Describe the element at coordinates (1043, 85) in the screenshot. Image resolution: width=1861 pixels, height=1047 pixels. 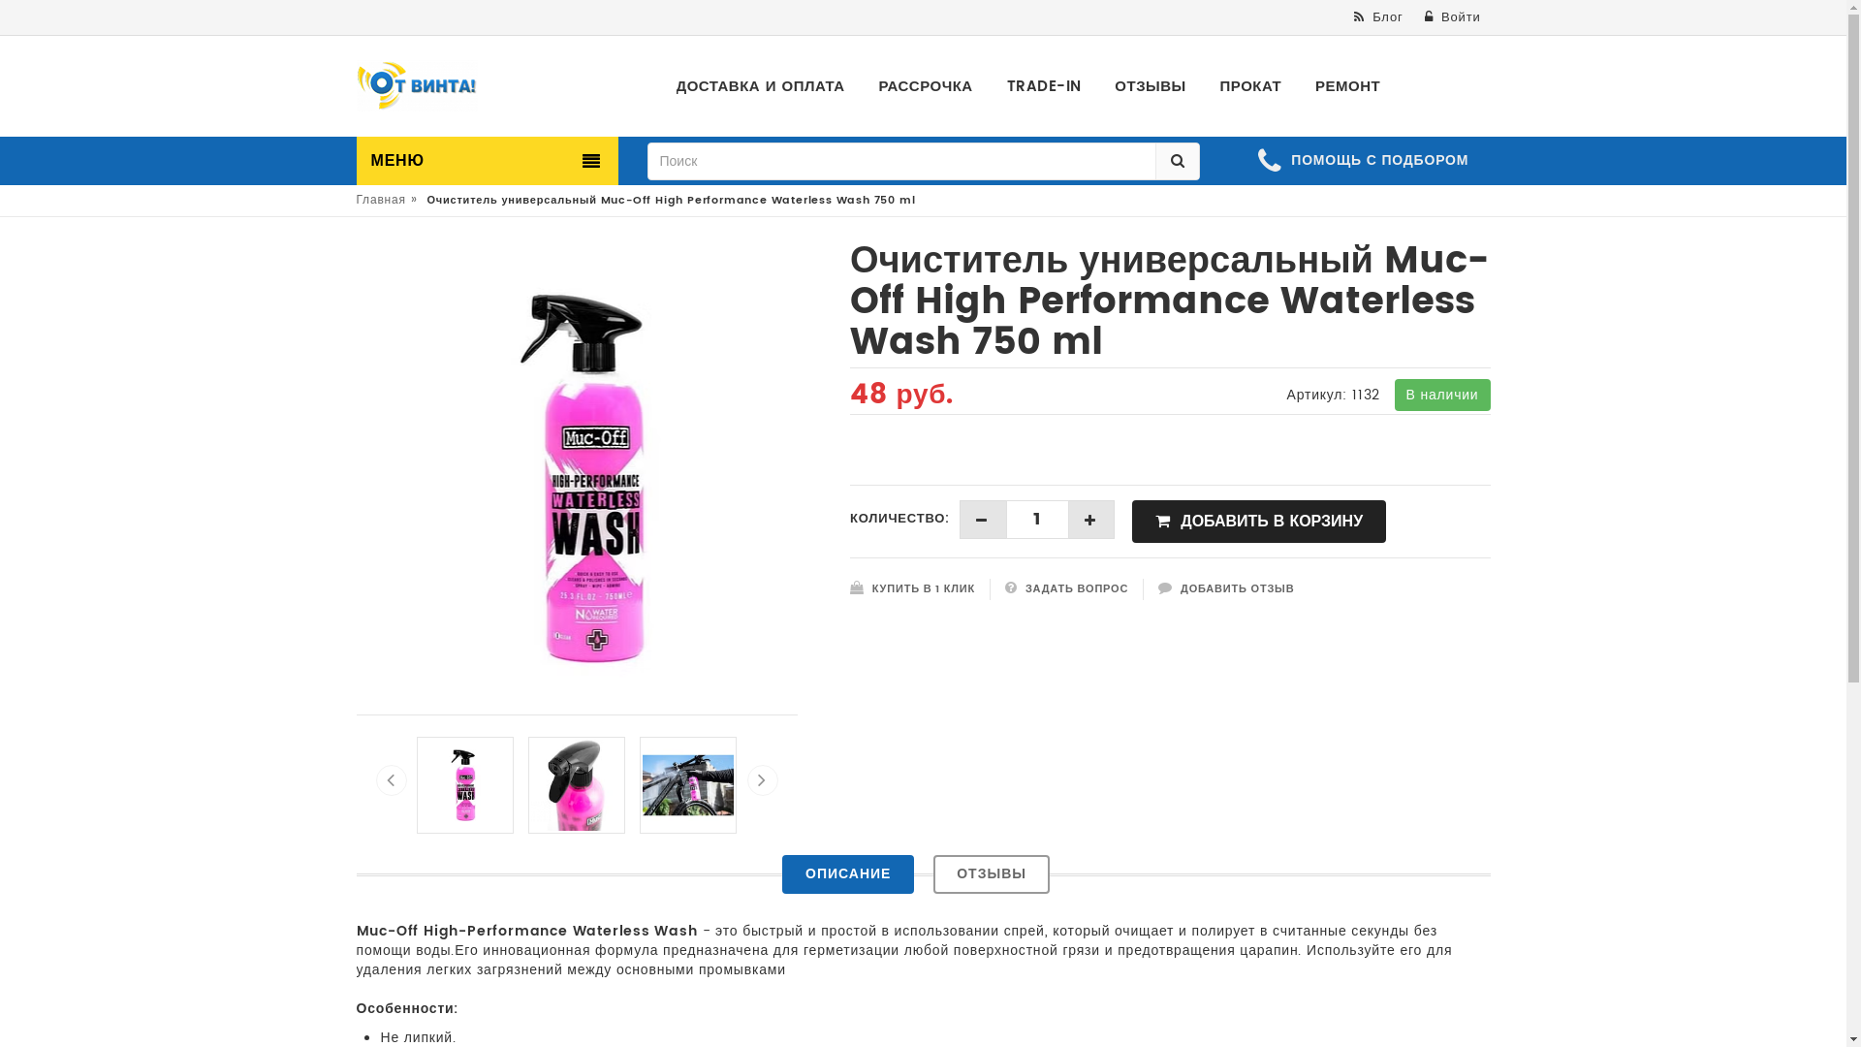
I see `'TRADE-IN'` at that location.